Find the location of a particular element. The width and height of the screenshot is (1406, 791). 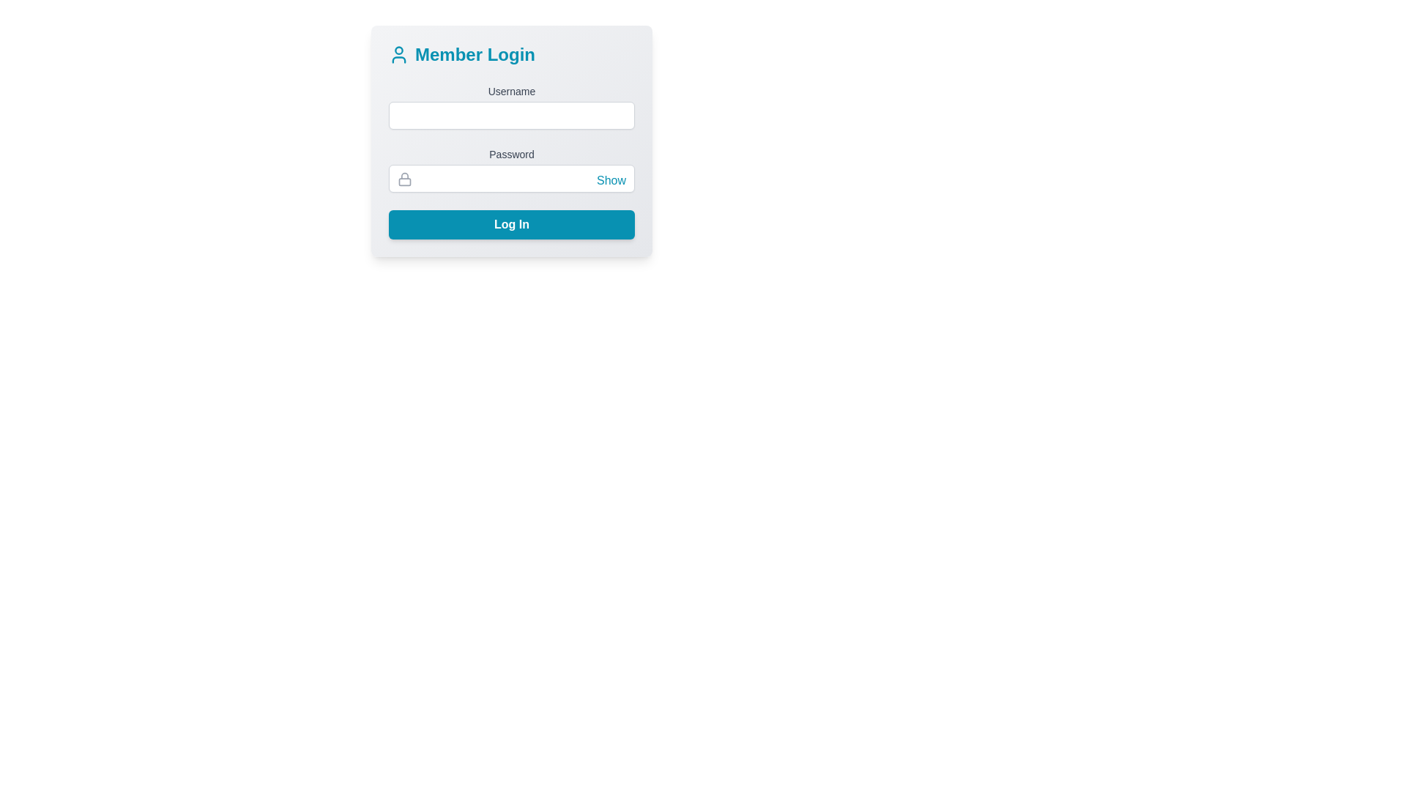

the 'Member Login' text header, which is styled in a large and bold cyan font and located above the 'Username' input field is located at coordinates (512, 53).